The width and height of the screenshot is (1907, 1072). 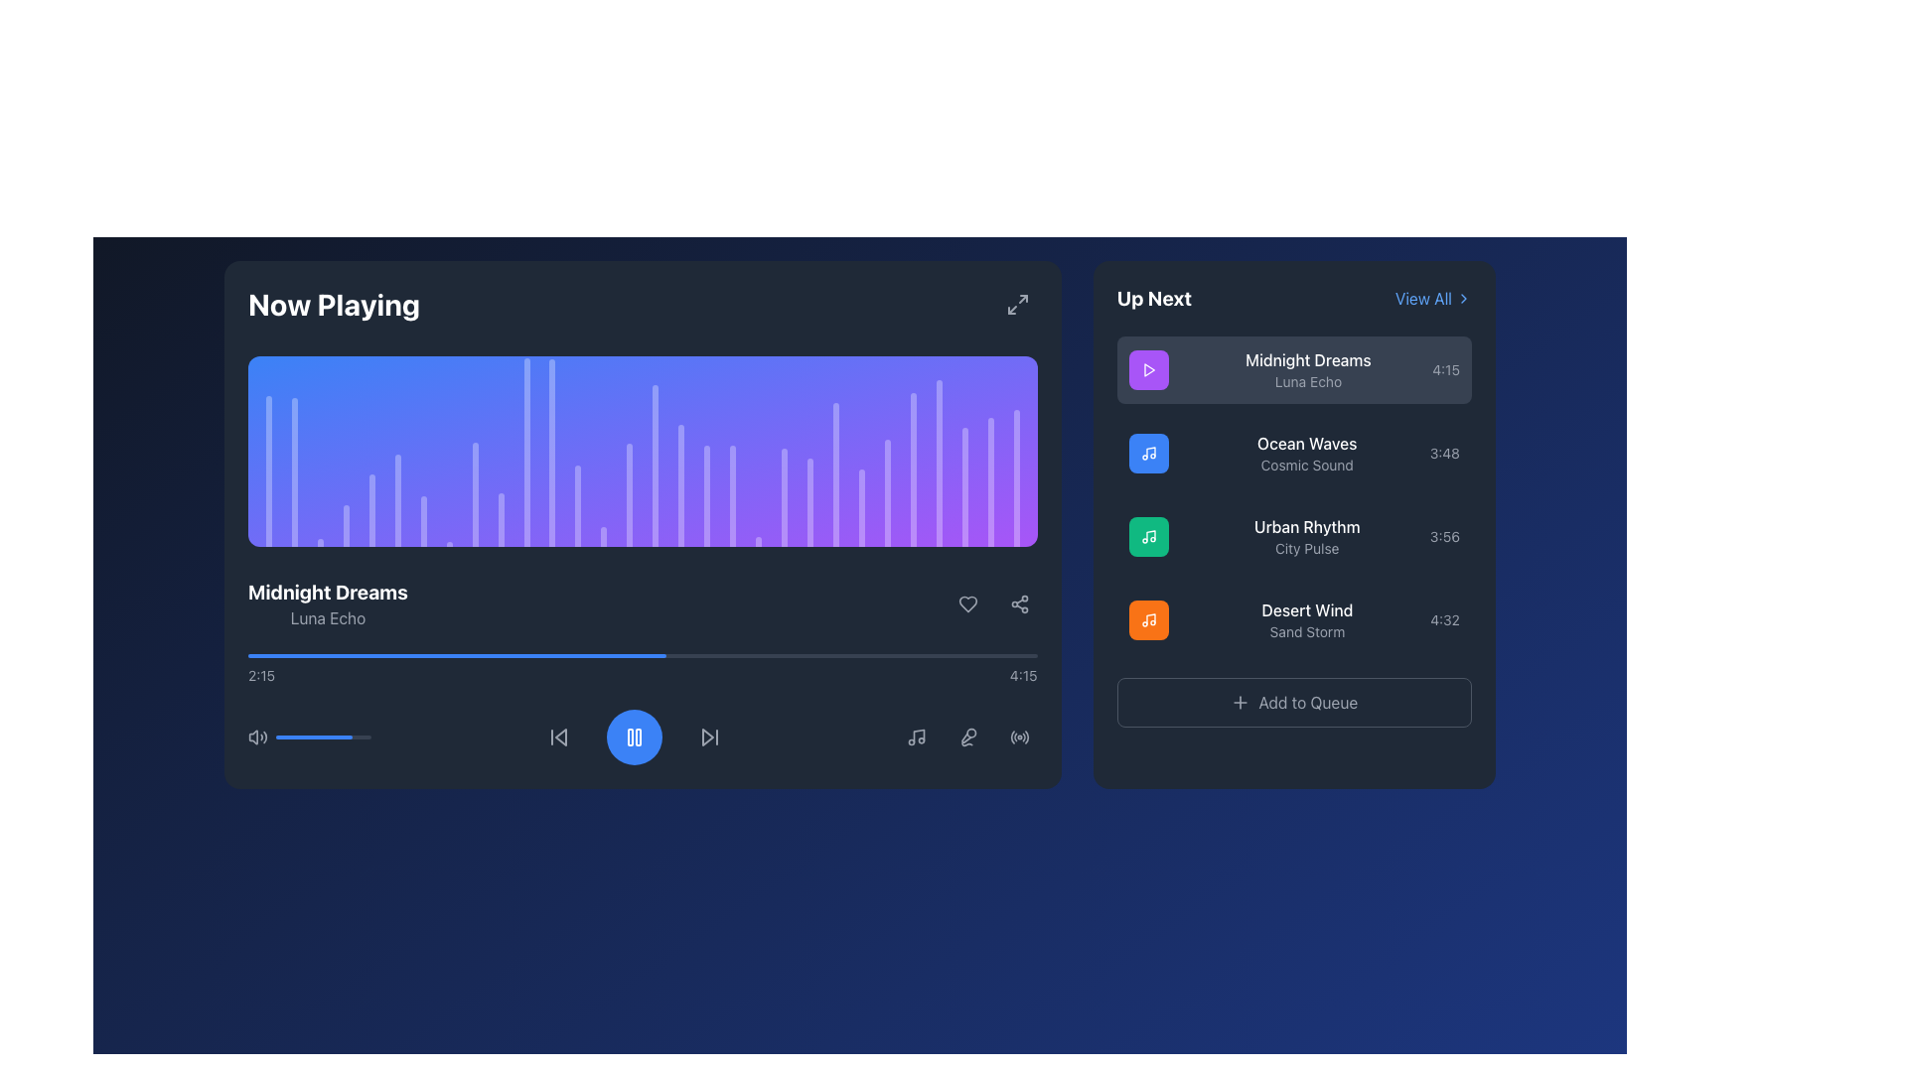 What do you see at coordinates (1149, 370) in the screenshot?
I see `the play action icon located in the 'Now Playing' section of the interface, positioned among other playback controls` at bounding box center [1149, 370].